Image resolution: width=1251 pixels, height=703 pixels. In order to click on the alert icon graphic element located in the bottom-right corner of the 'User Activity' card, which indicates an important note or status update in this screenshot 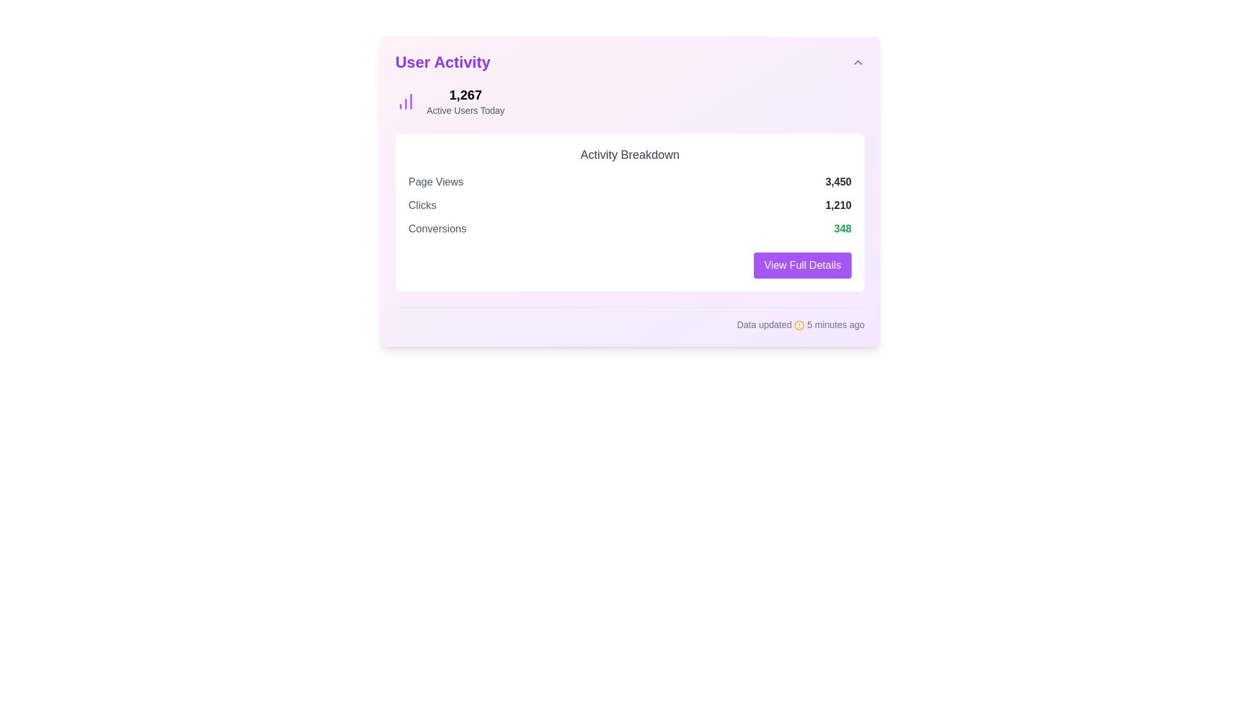, I will do `click(799, 325)`.